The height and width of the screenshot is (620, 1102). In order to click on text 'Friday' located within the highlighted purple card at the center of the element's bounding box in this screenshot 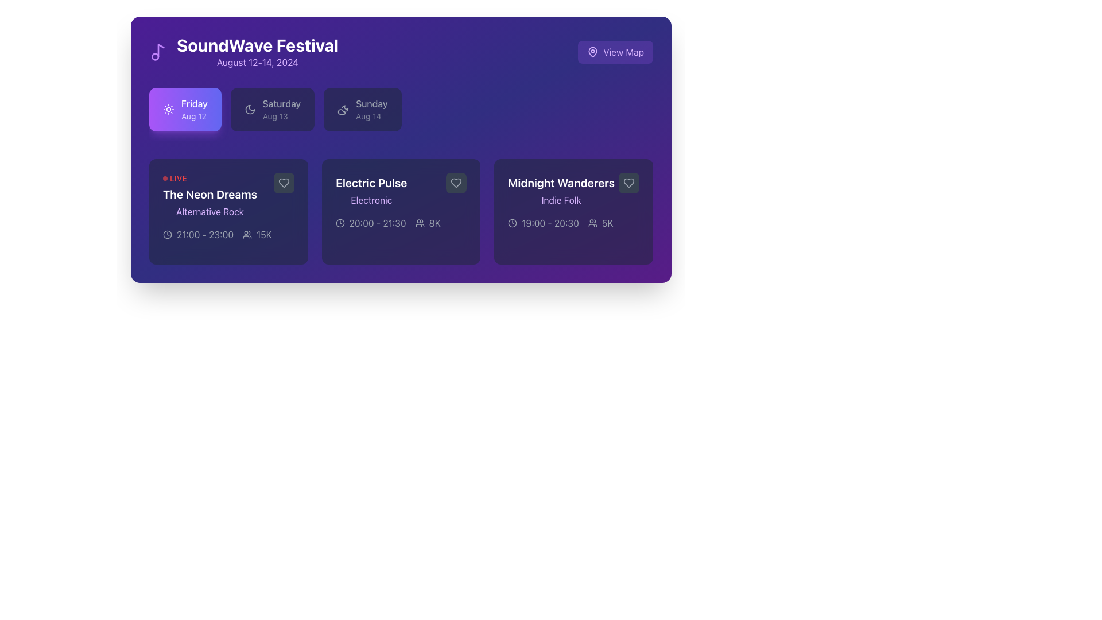, I will do `click(194, 104)`.